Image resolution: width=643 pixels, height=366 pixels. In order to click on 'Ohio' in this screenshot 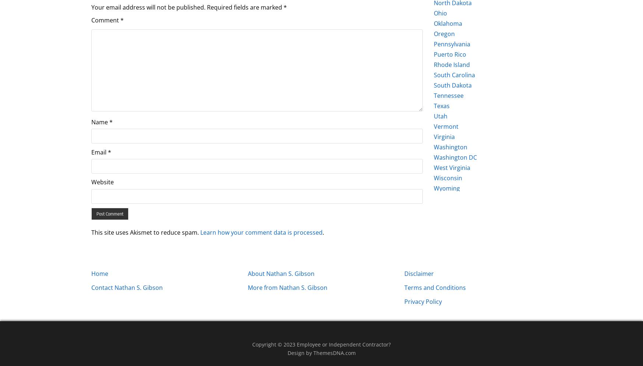, I will do `click(434, 13)`.